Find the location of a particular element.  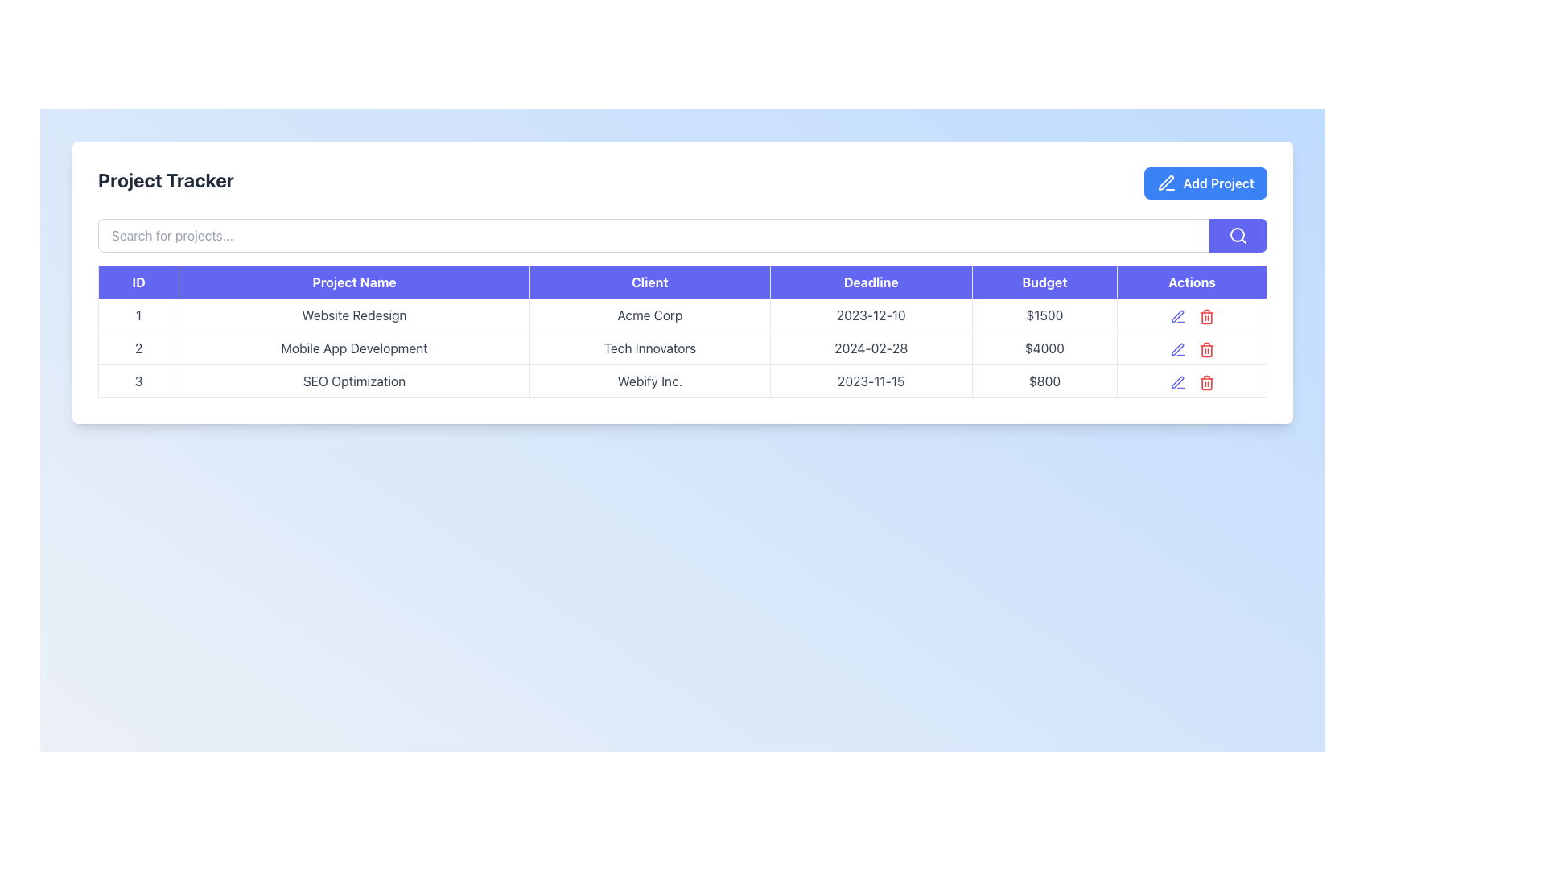

the indigo-colored pen icon is located at coordinates (1177, 347).